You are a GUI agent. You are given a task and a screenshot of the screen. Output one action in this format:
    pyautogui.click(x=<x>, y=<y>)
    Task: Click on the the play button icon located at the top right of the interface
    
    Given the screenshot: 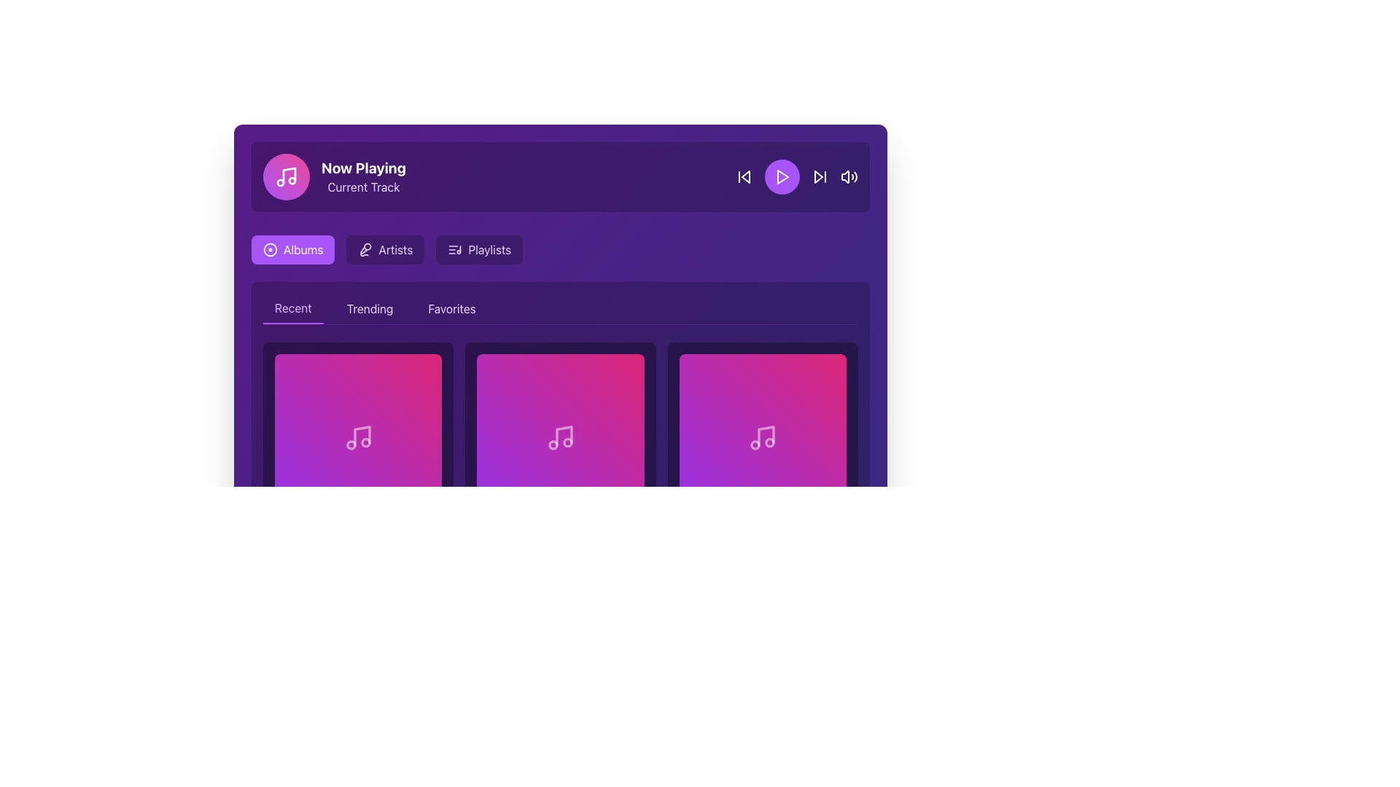 What is the action you would take?
    pyautogui.click(x=782, y=176)
    